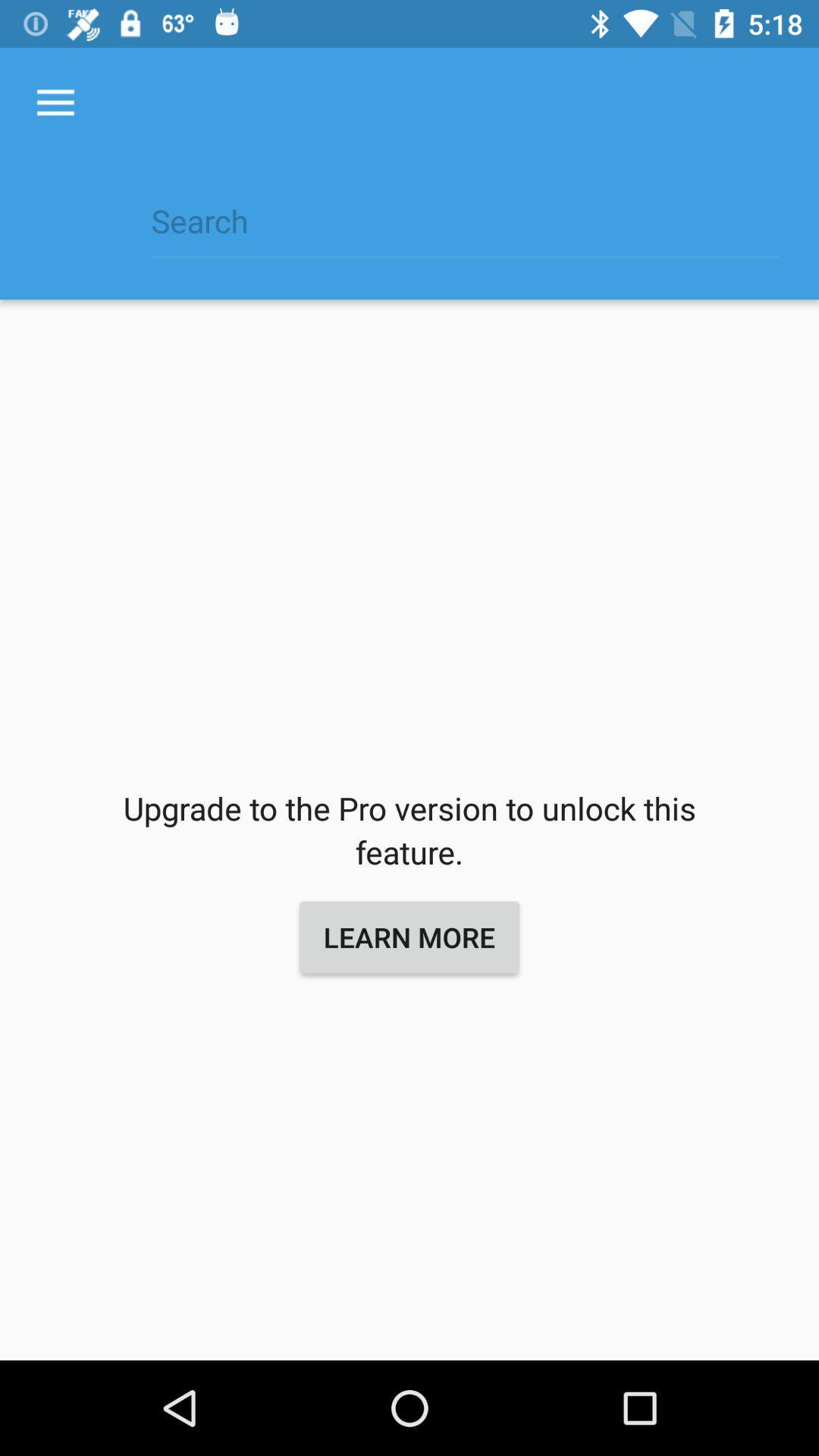  I want to click on the learn more icon, so click(409, 936).